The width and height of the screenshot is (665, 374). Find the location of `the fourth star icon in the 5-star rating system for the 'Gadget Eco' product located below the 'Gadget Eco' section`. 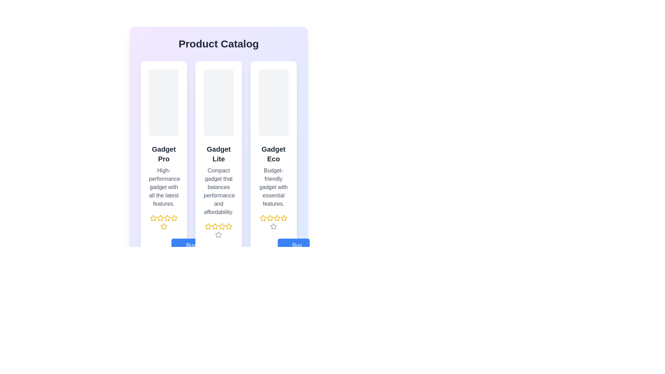

the fourth star icon in the 5-star rating system for the 'Gadget Eco' product located below the 'Gadget Eco' section is located at coordinates (276, 217).